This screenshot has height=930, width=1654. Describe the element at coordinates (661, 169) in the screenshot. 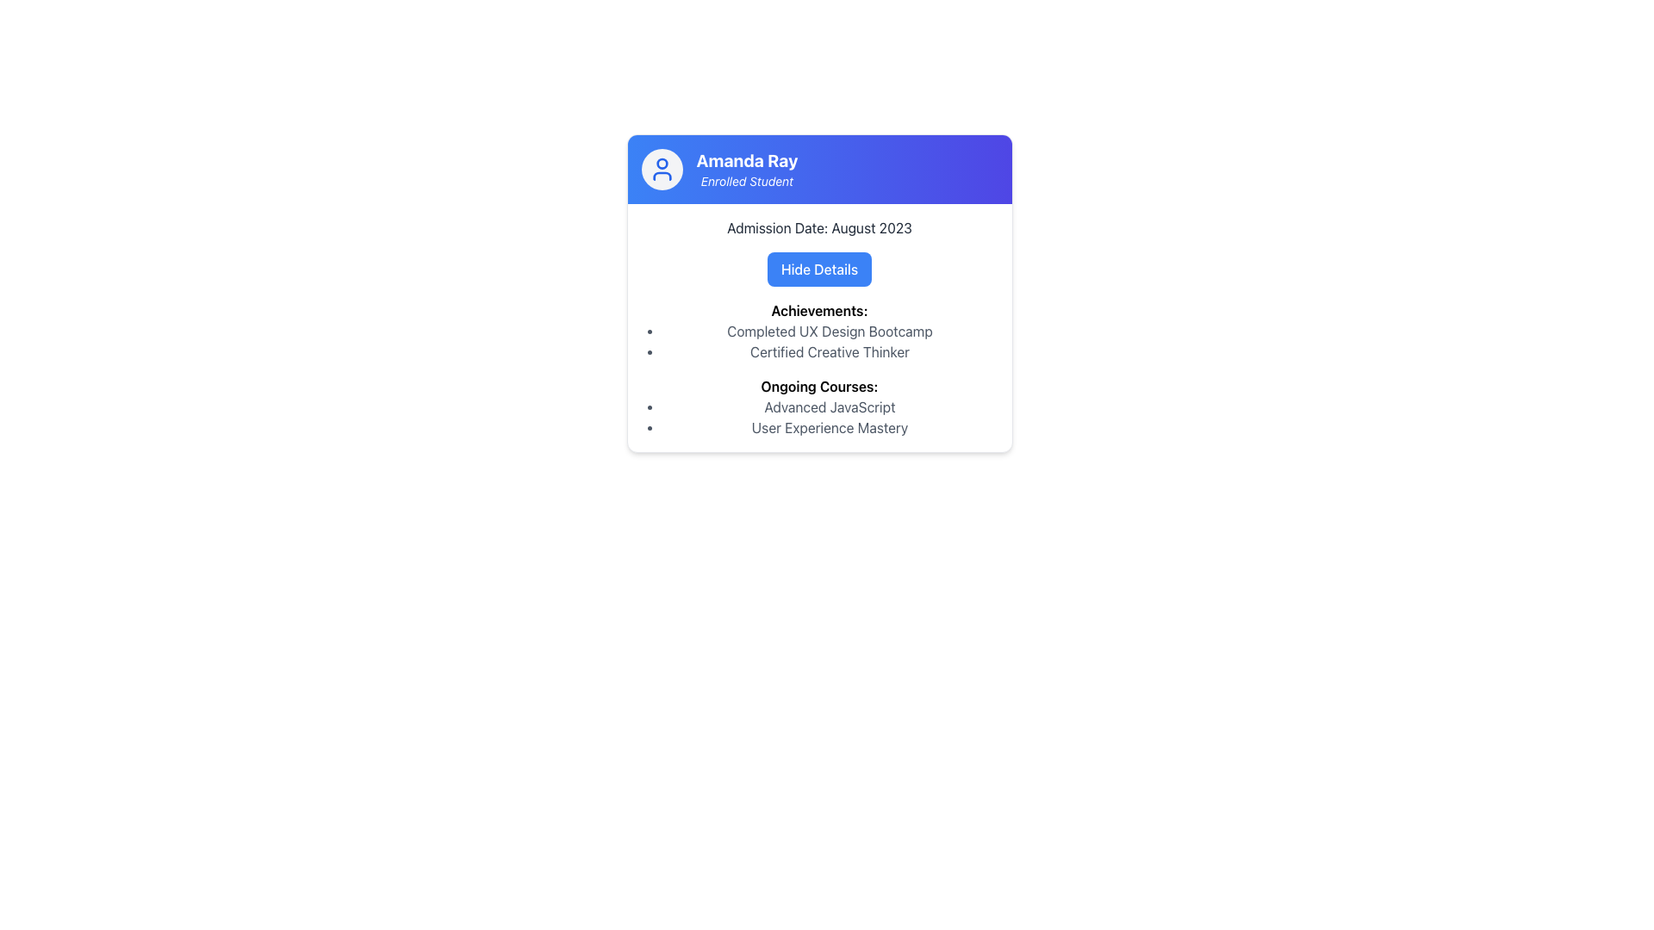

I see `the user profile icon located at the top-left corner next to the textual content 'Amanda Ray' and 'Enrolled Student'` at that location.